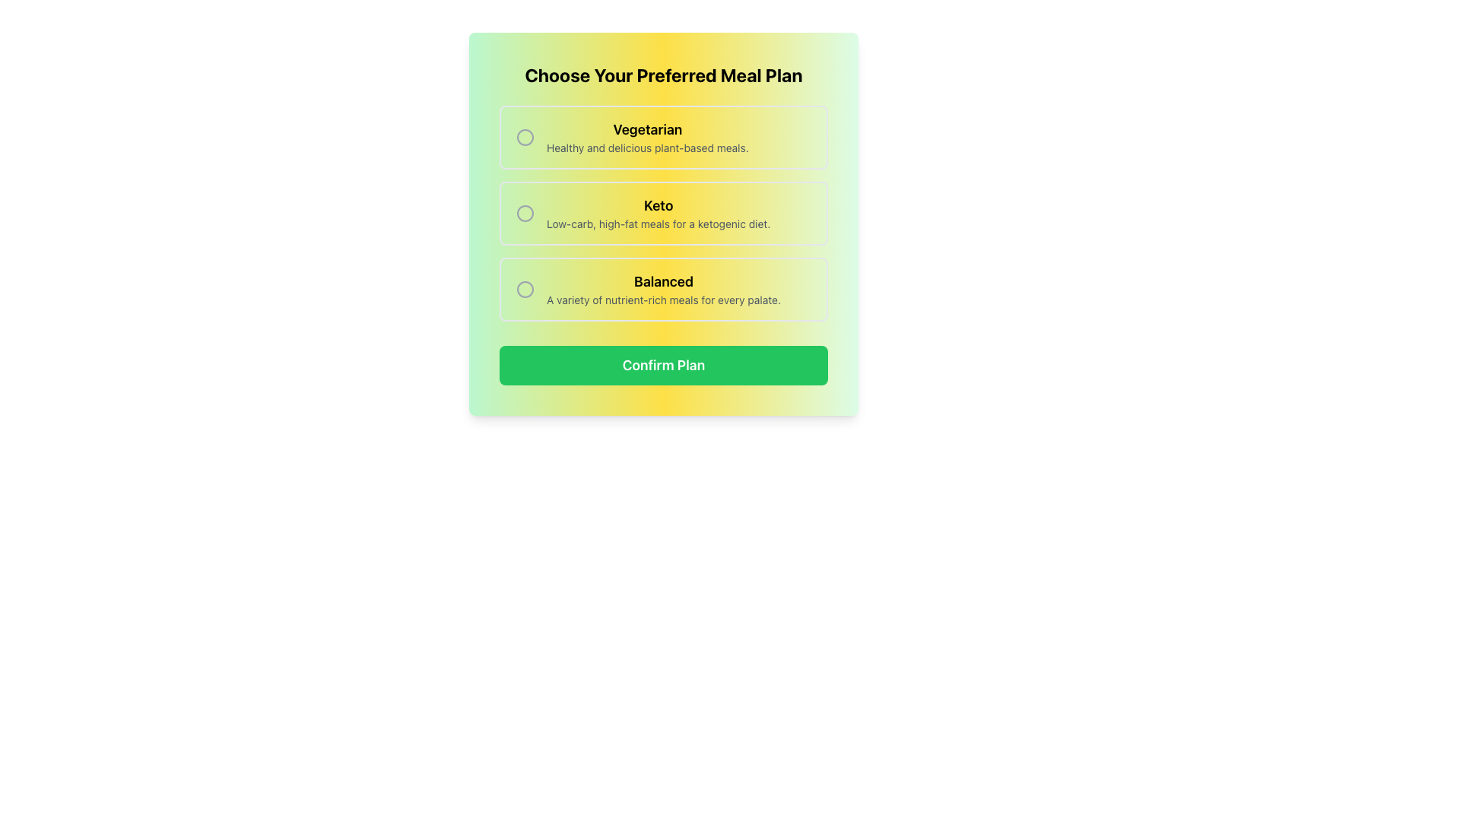  What do you see at coordinates (664, 290) in the screenshot?
I see `description of the text label titled 'Balanced', which includes the subtitle 'A variety of nutrient-rich meals for every palate.'` at bounding box center [664, 290].